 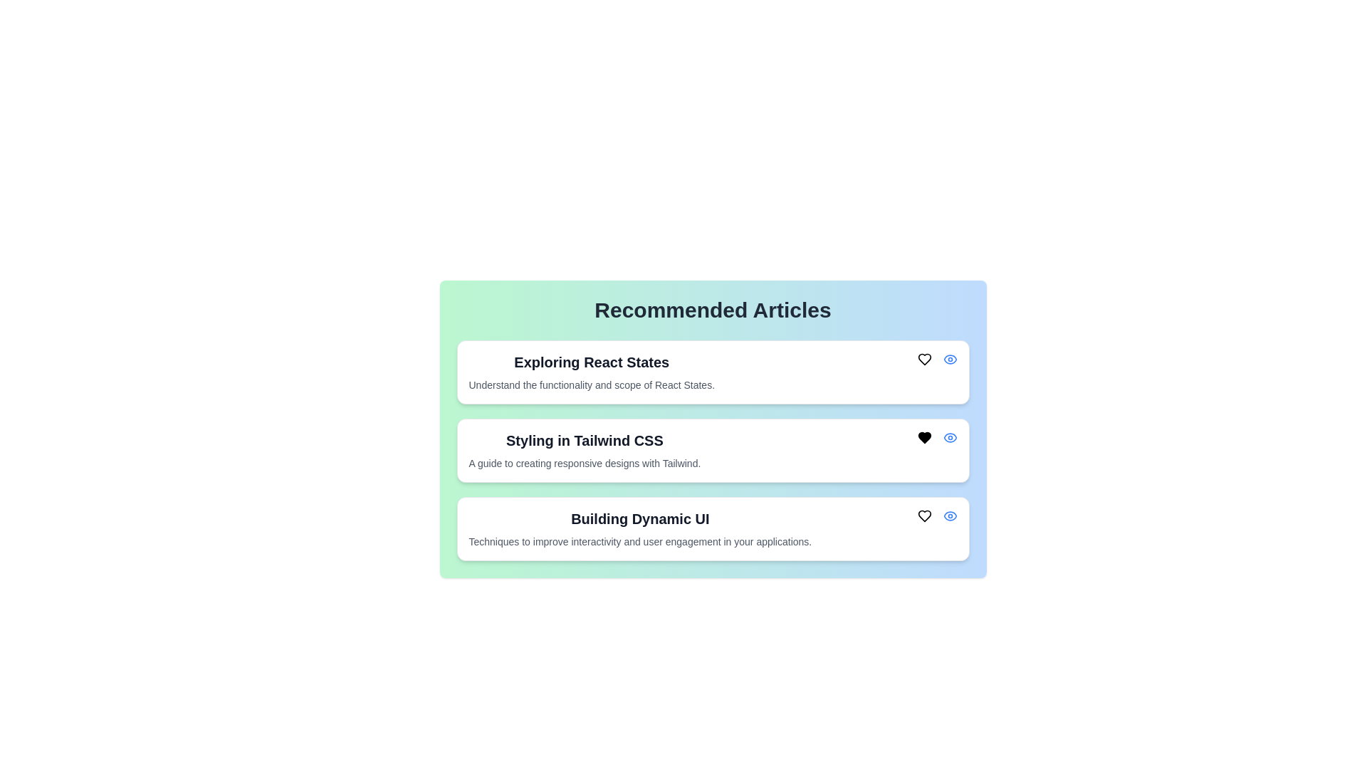 I want to click on the favorite button for the article titled 'Building Dynamic UI' to toggle its favorite status, so click(x=924, y=516).